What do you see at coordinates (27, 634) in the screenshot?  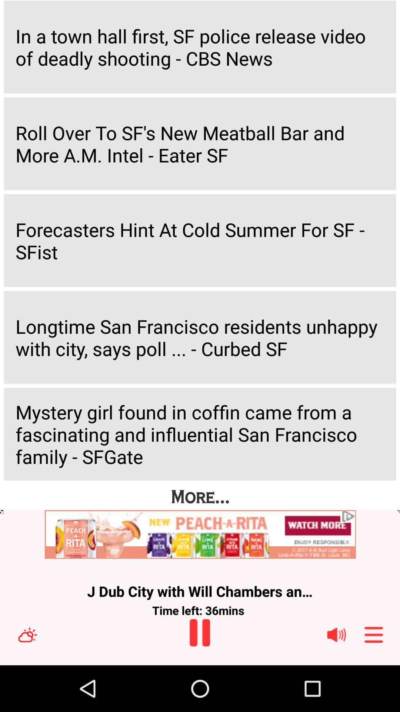 I see `displays the weather` at bounding box center [27, 634].